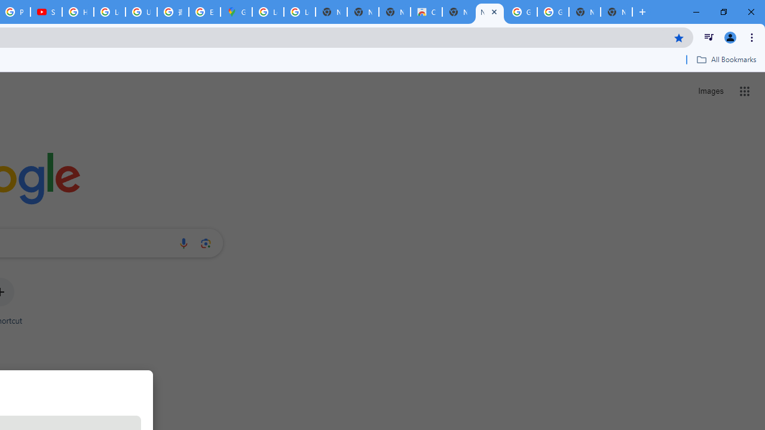  What do you see at coordinates (726, 59) in the screenshot?
I see `'All Bookmarks'` at bounding box center [726, 59].